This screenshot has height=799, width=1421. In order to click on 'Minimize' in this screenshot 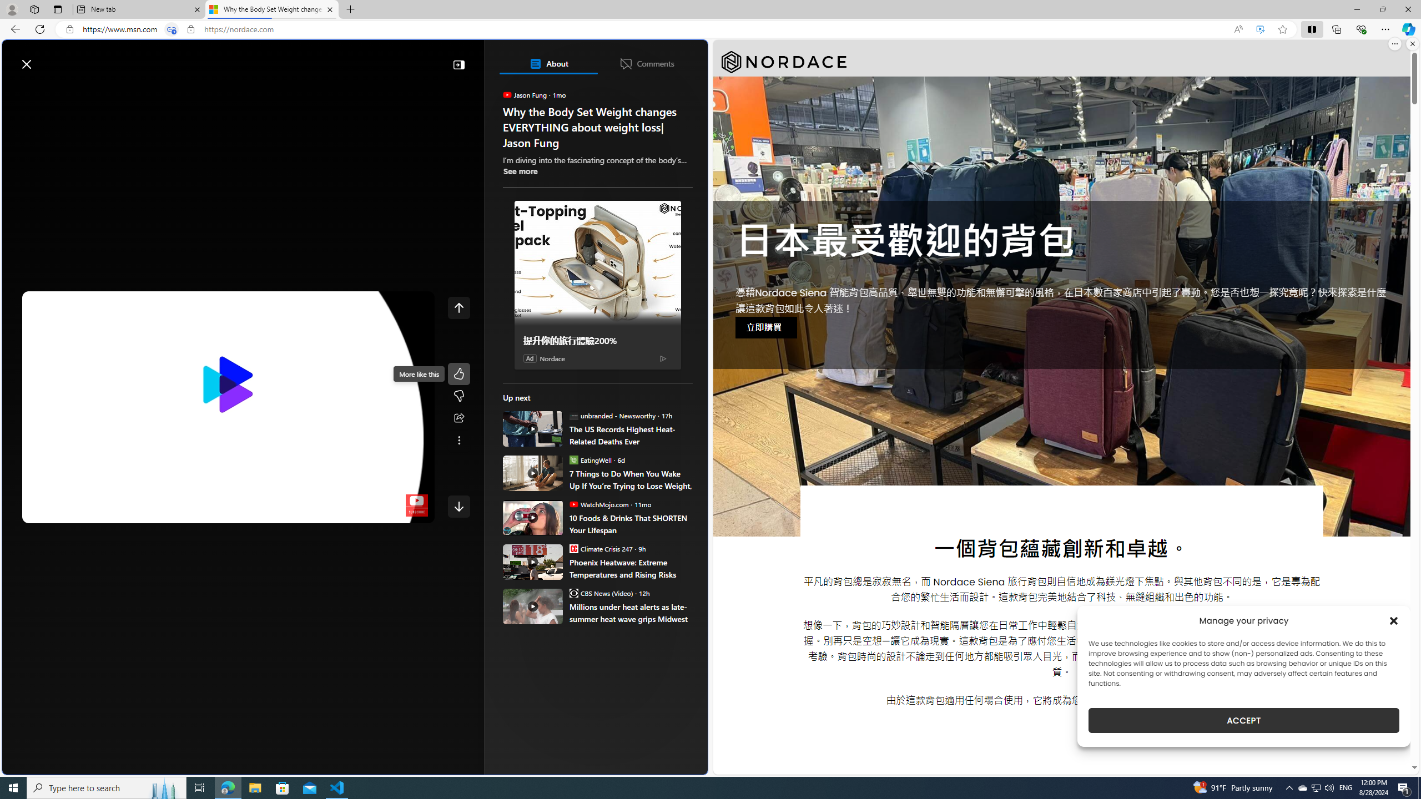, I will do `click(1356, 9)`.